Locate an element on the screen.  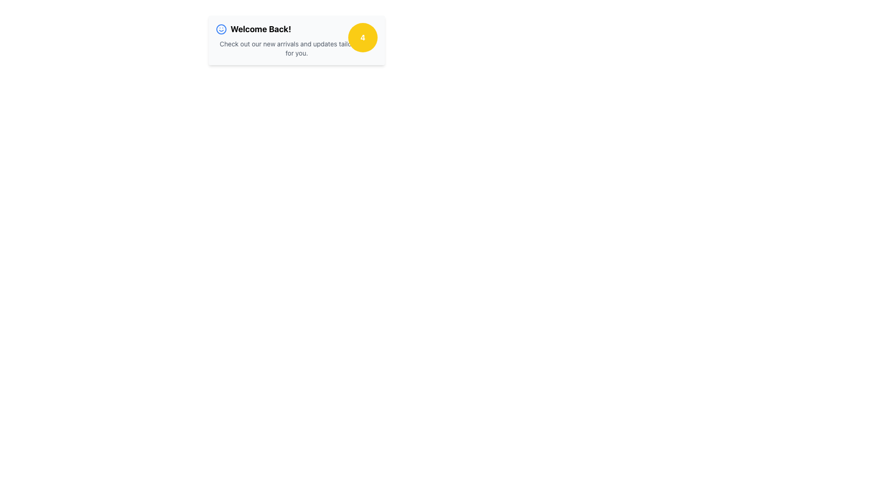
numeral '4' displayed within the yellow circular indicator located to the right of the message box titled 'Welcome Back!' is located at coordinates (362, 37).